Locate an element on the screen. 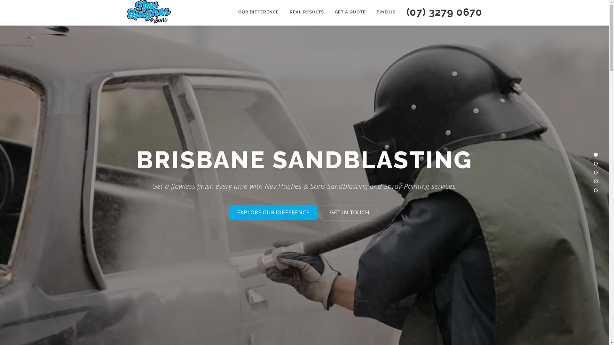  'GET A QUOTE' is located at coordinates (329, 12).